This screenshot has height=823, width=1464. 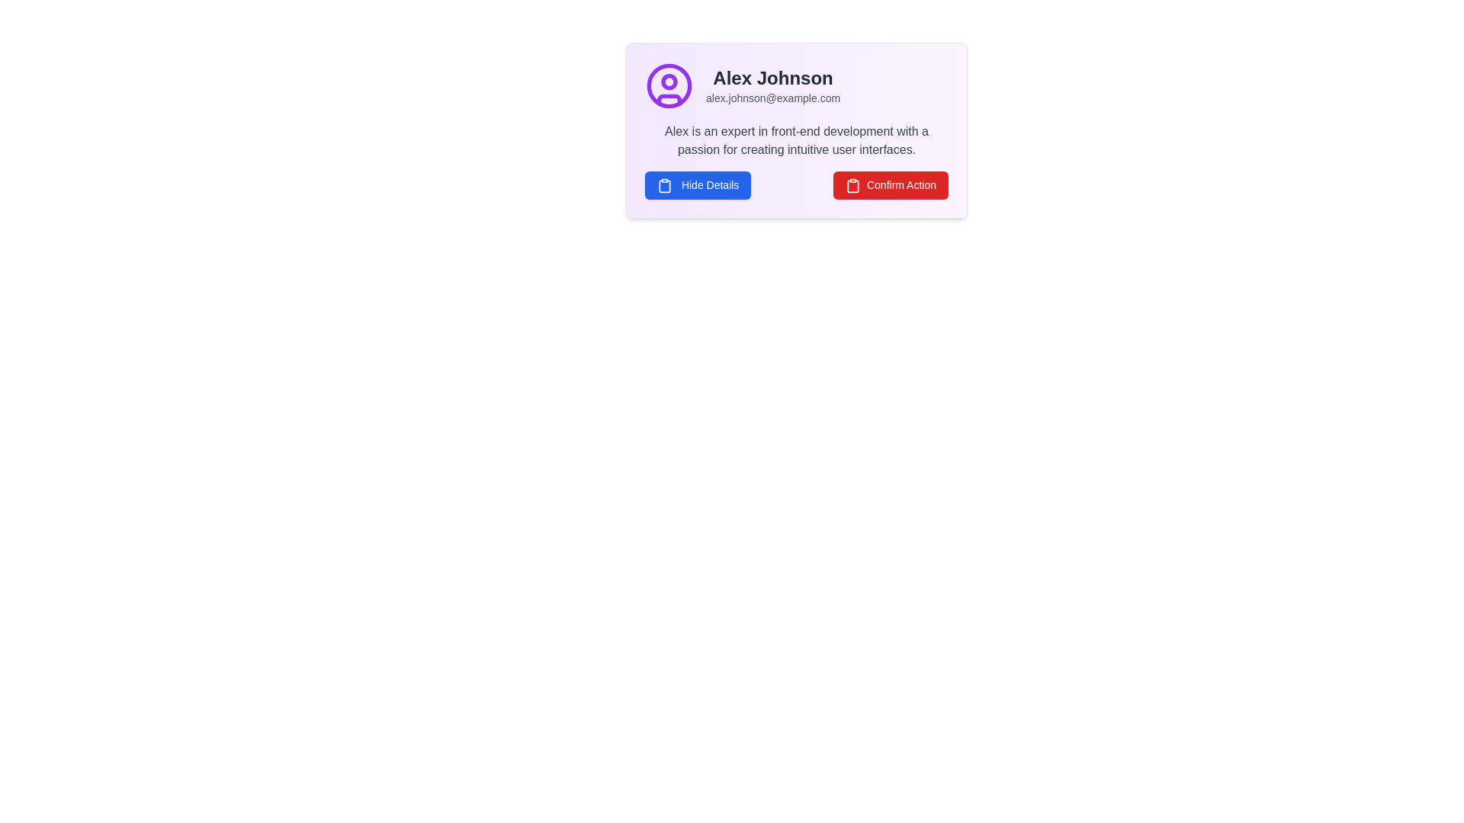 What do you see at coordinates (891, 184) in the screenshot?
I see `the 'Confirm Action' button, which is a rectangular button with rounded corners and a red background, containing white text and an icon of a clipboard` at bounding box center [891, 184].